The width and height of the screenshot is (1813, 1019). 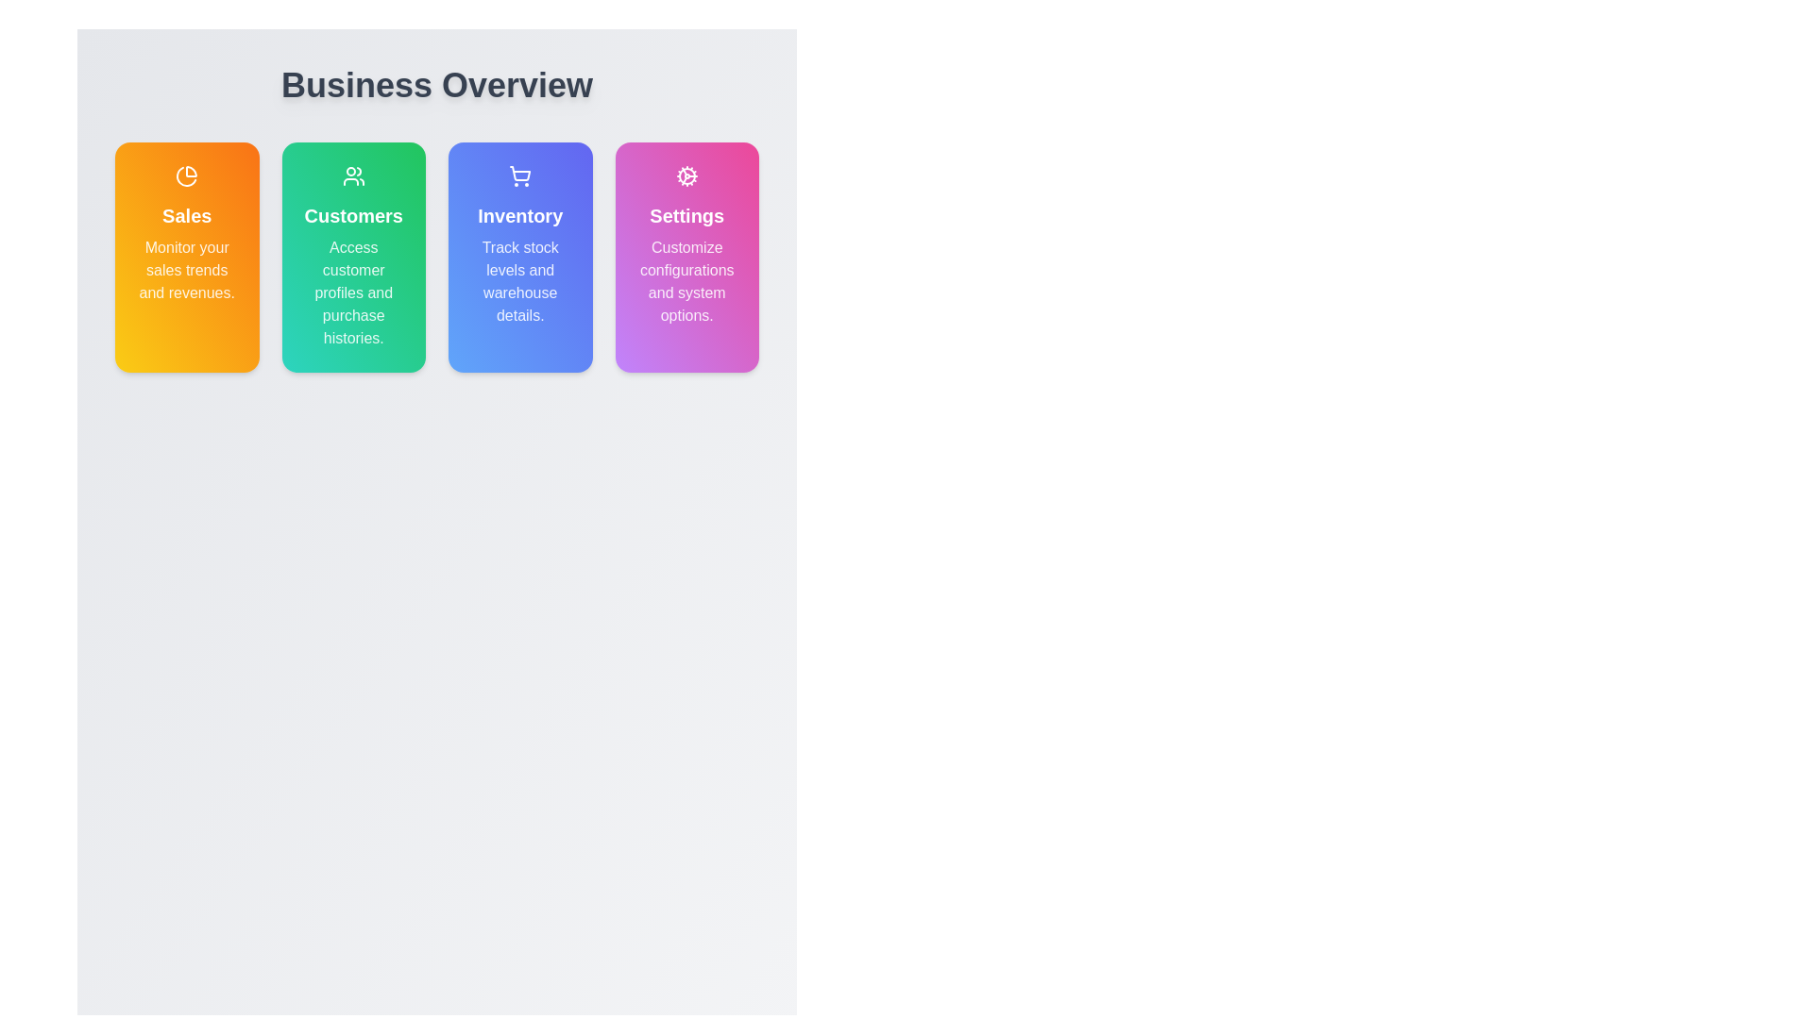 What do you see at coordinates (686, 175) in the screenshot?
I see `the circular-shaped icon within the gear icon in the Settings card, located at the rightmost part of the interface` at bounding box center [686, 175].